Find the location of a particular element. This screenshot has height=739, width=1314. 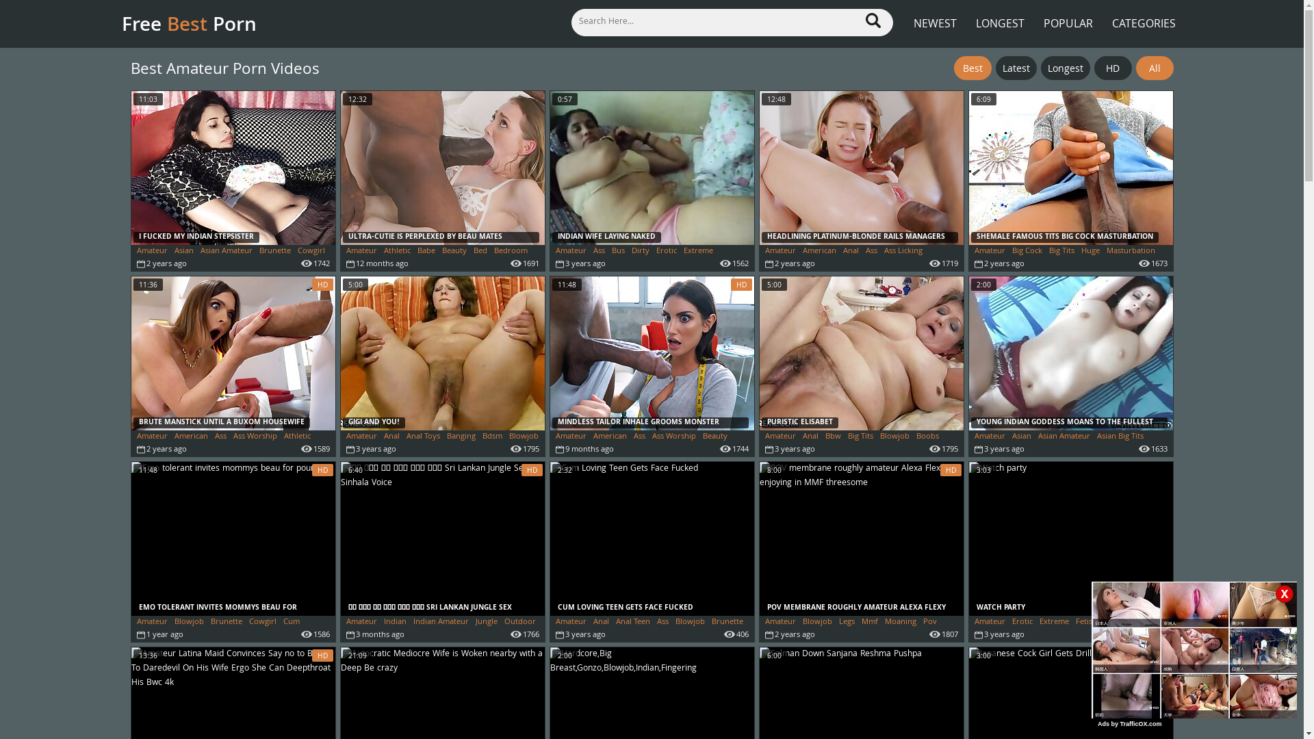

'Dirty' is located at coordinates (639, 251).